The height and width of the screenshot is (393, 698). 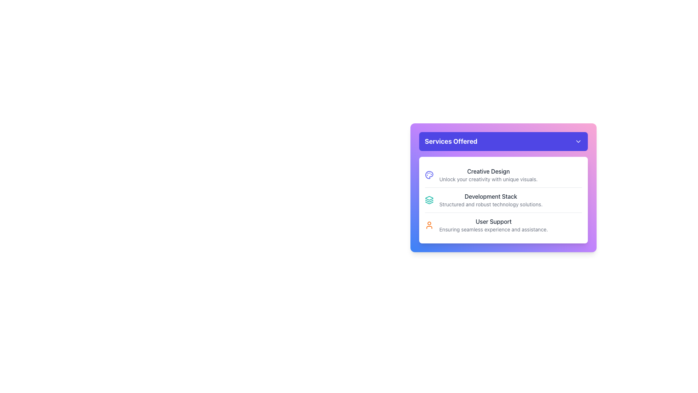 What do you see at coordinates (503, 200) in the screenshot?
I see `the 'Development Stack' text block with the supporting icon to visualize further information` at bounding box center [503, 200].